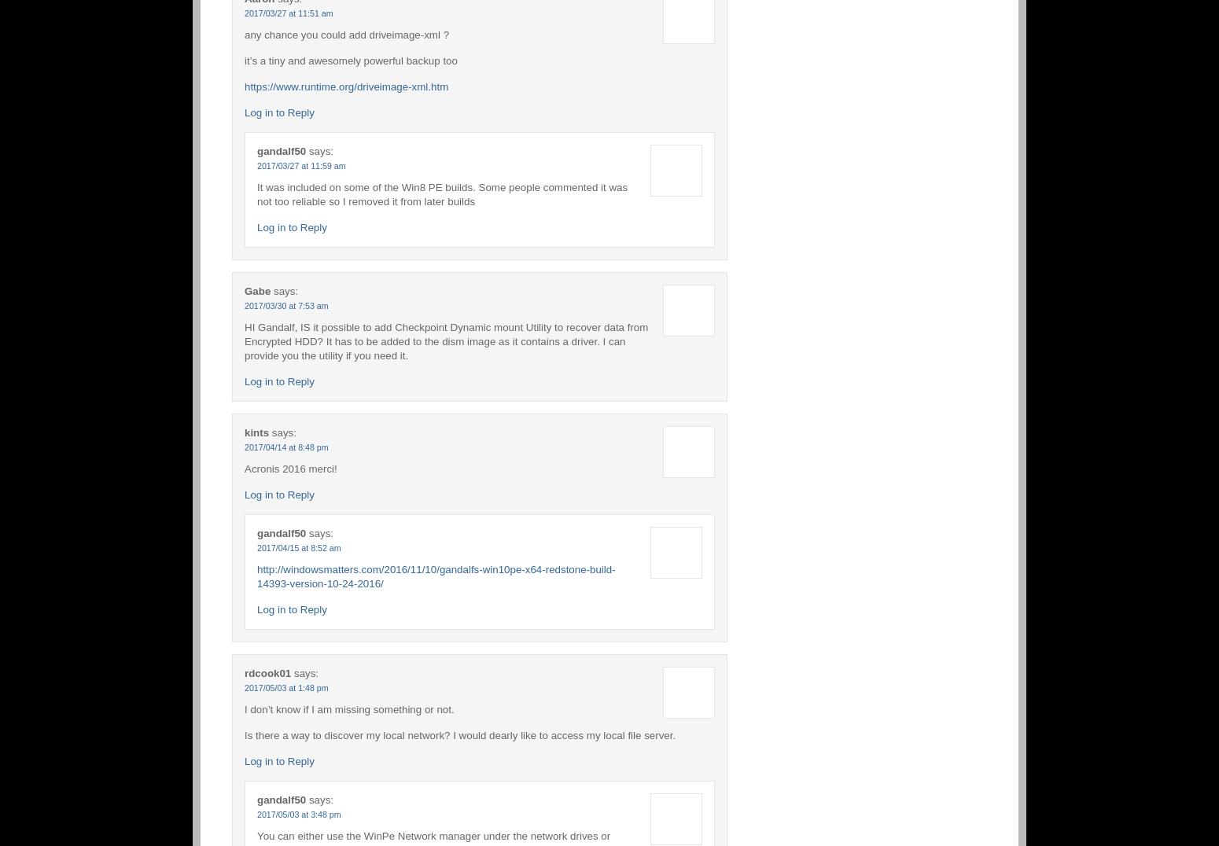 The image size is (1219, 846). I want to click on 'HI Gandalf, IS it possible to add Checkpoint Dynamic mount Utility to recover data from Encrypted HDD? It has to be added to the dism image as it contains a driver. I can provide you the utility if you need it.', so click(244, 340).